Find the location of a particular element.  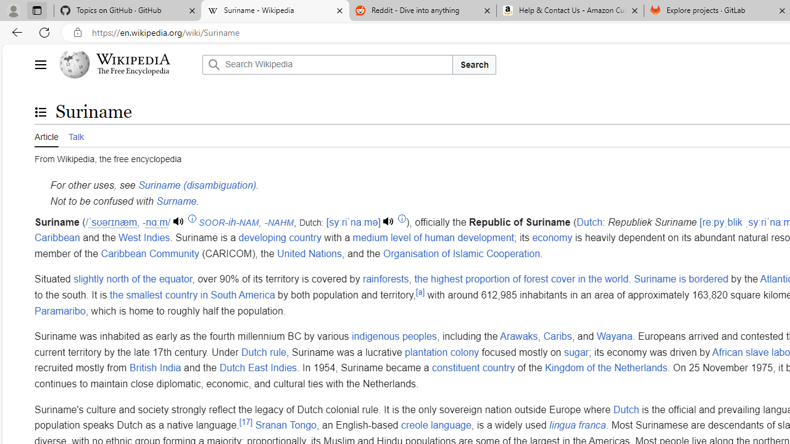

'Talk' is located at coordinates (75, 135).